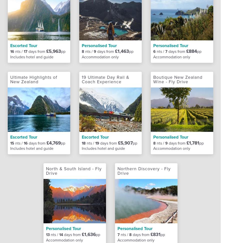 The height and width of the screenshot is (243, 225). What do you see at coordinates (100, 21) in the screenshot?
I see `'4 hotels'` at bounding box center [100, 21].